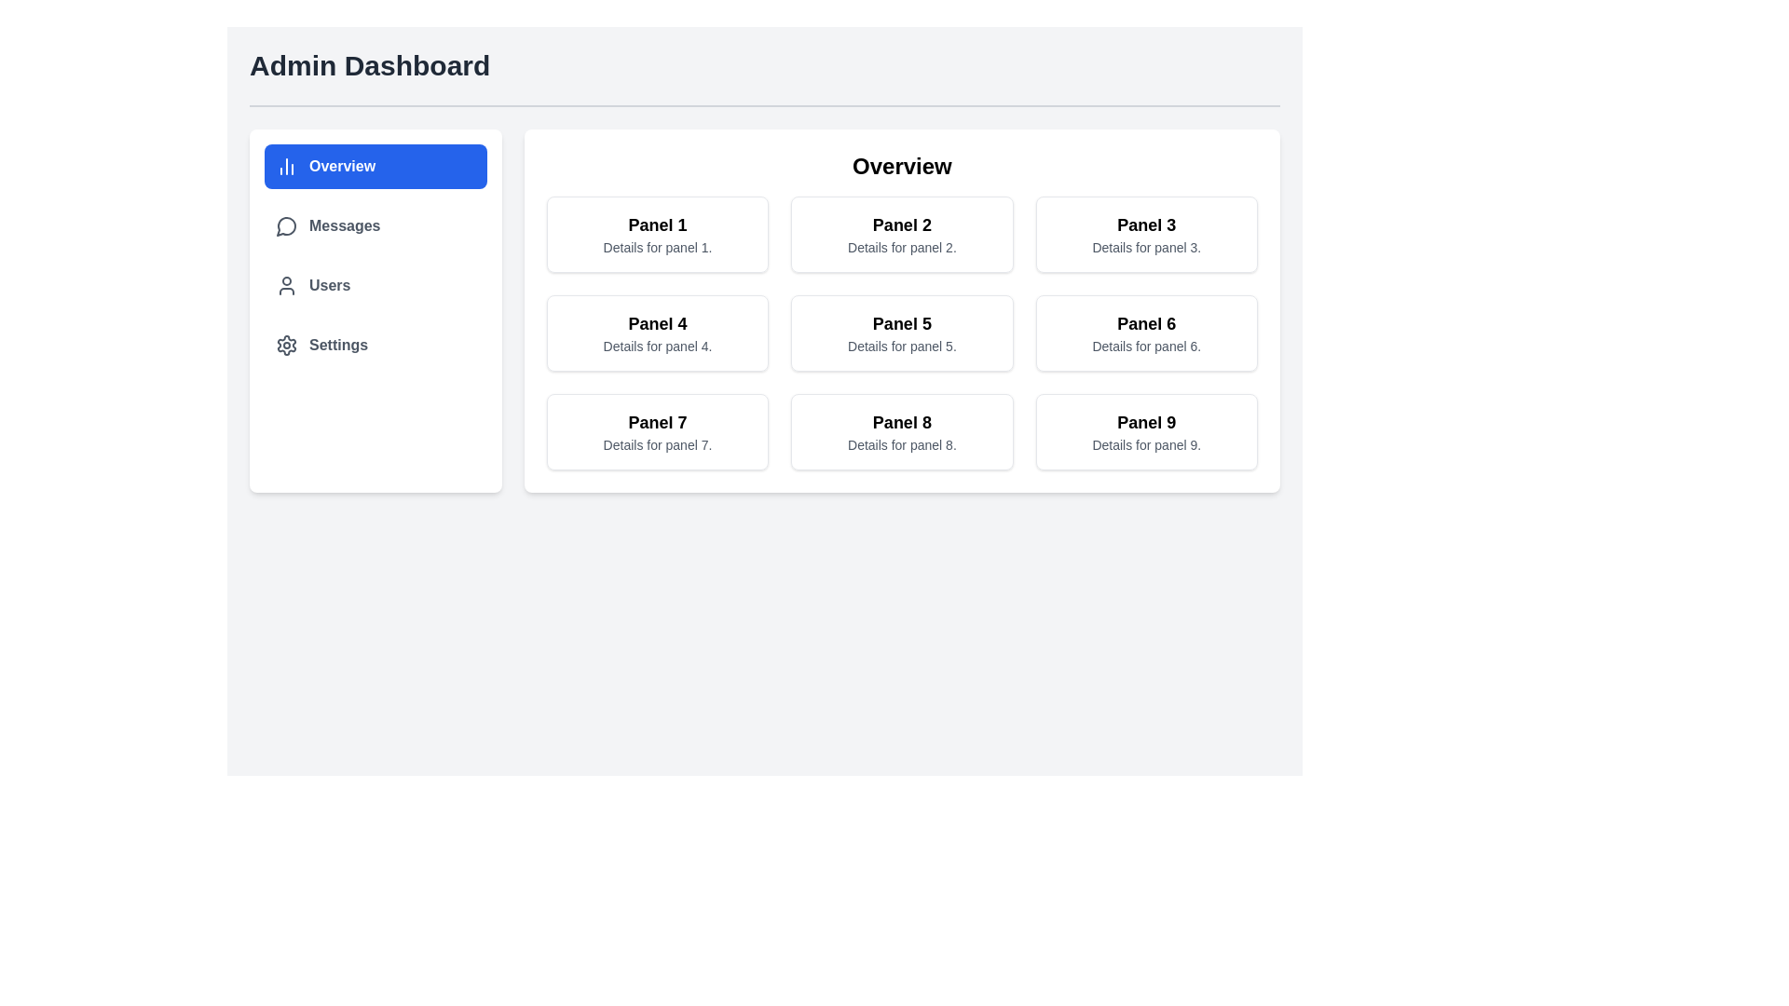 The image size is (1789, 1006). Describe the element at coordinates (338, 345) in the screenshot. I see `the 'Settings' text label in the vertical sidebar menu, which is the fourth item and displayed in bold font` at that location.